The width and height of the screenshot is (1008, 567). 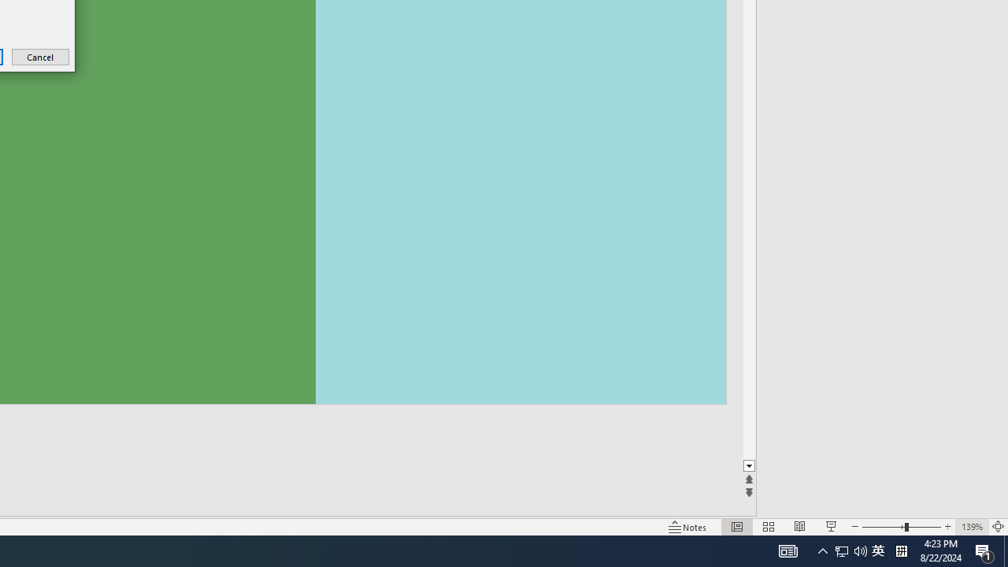 I want to click on 'Zoom', so click(x=901, y=527).